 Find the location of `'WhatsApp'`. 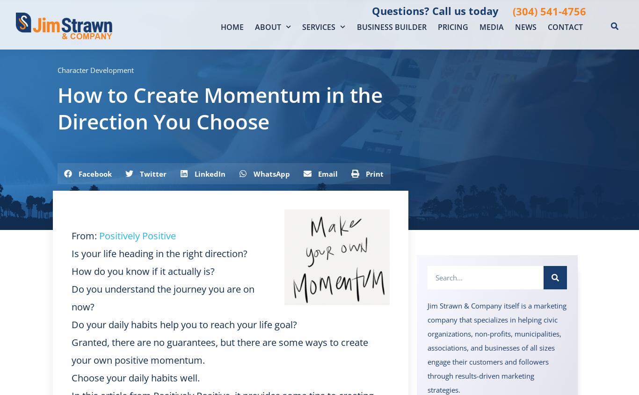

'WhatsApp' is located at coordinates (271, 173).